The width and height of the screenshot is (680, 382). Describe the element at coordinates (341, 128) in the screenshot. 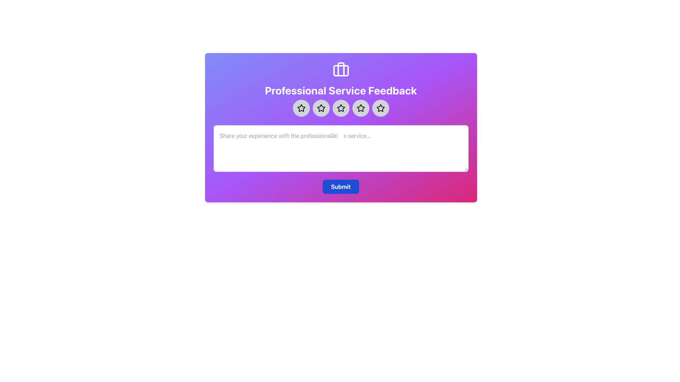

I see `inside the feedback text area of the feedback collection component to type your feedback` at that location.